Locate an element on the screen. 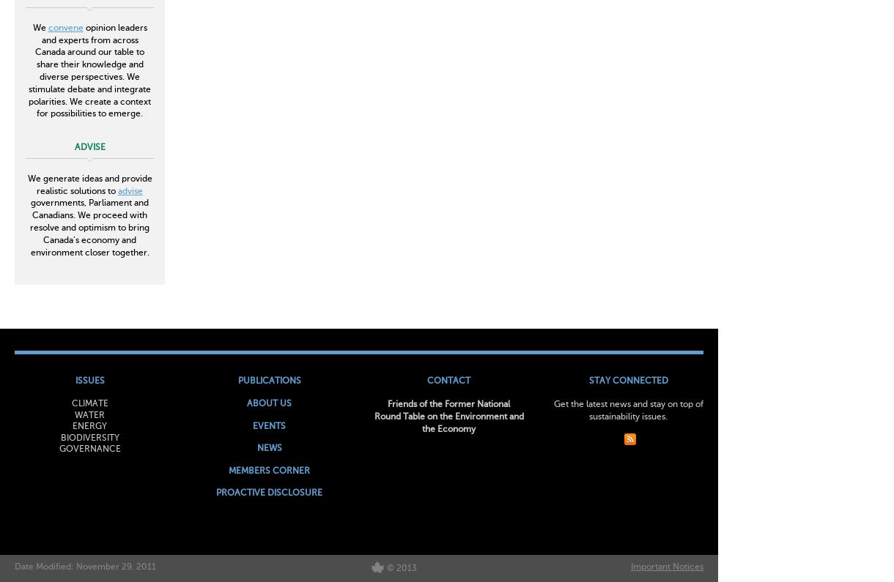 This screenshot has height=582, width=894. 'We' is located at coordinates (39, 28).